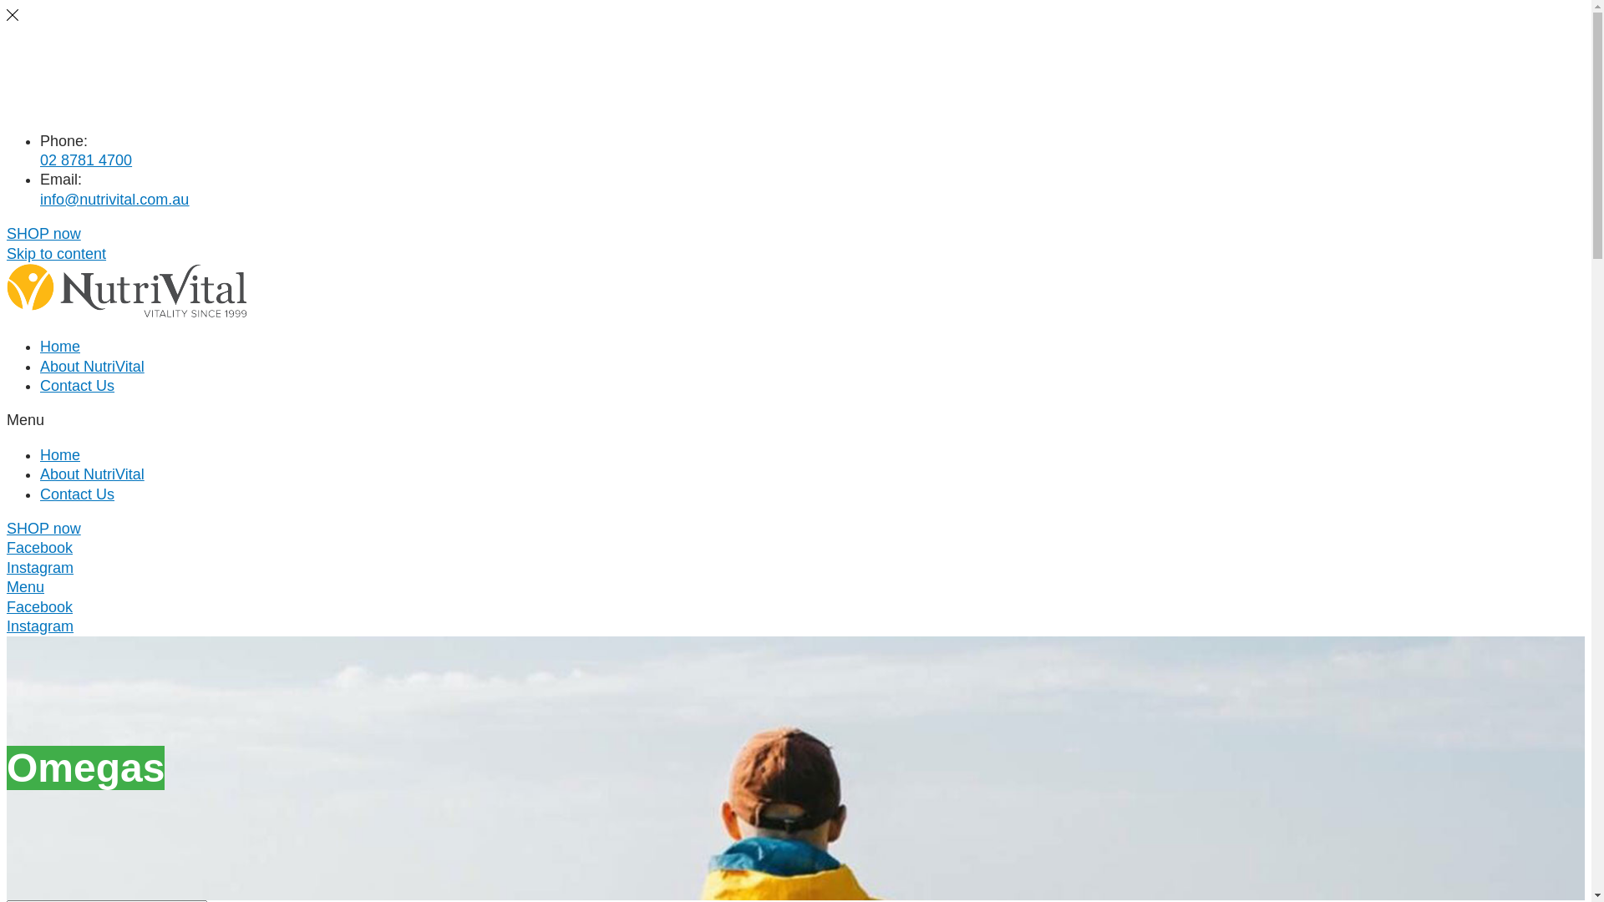 The image size is (1604, 902). What do you see at coordinates (40, 386) in the screenshot?
I see `'Contact Us'` at bounding box center [40, 386].